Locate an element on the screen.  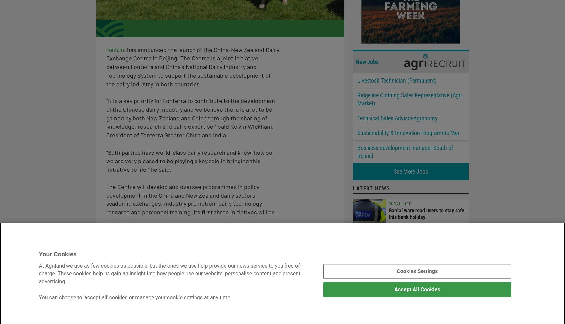
'Livestock Technician (Permanent)' is located at coordinates (397, 80).